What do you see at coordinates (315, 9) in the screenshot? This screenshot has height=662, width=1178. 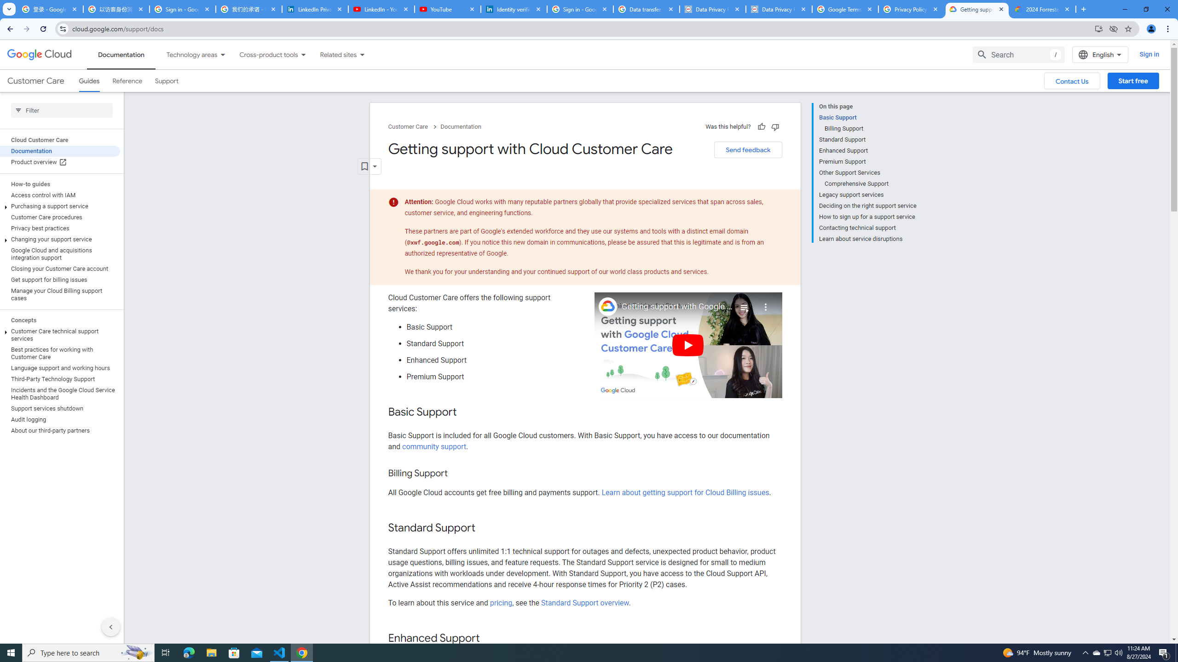 I see `'LinkedIn Privacy Policy'` at bounding box center [315, 9].